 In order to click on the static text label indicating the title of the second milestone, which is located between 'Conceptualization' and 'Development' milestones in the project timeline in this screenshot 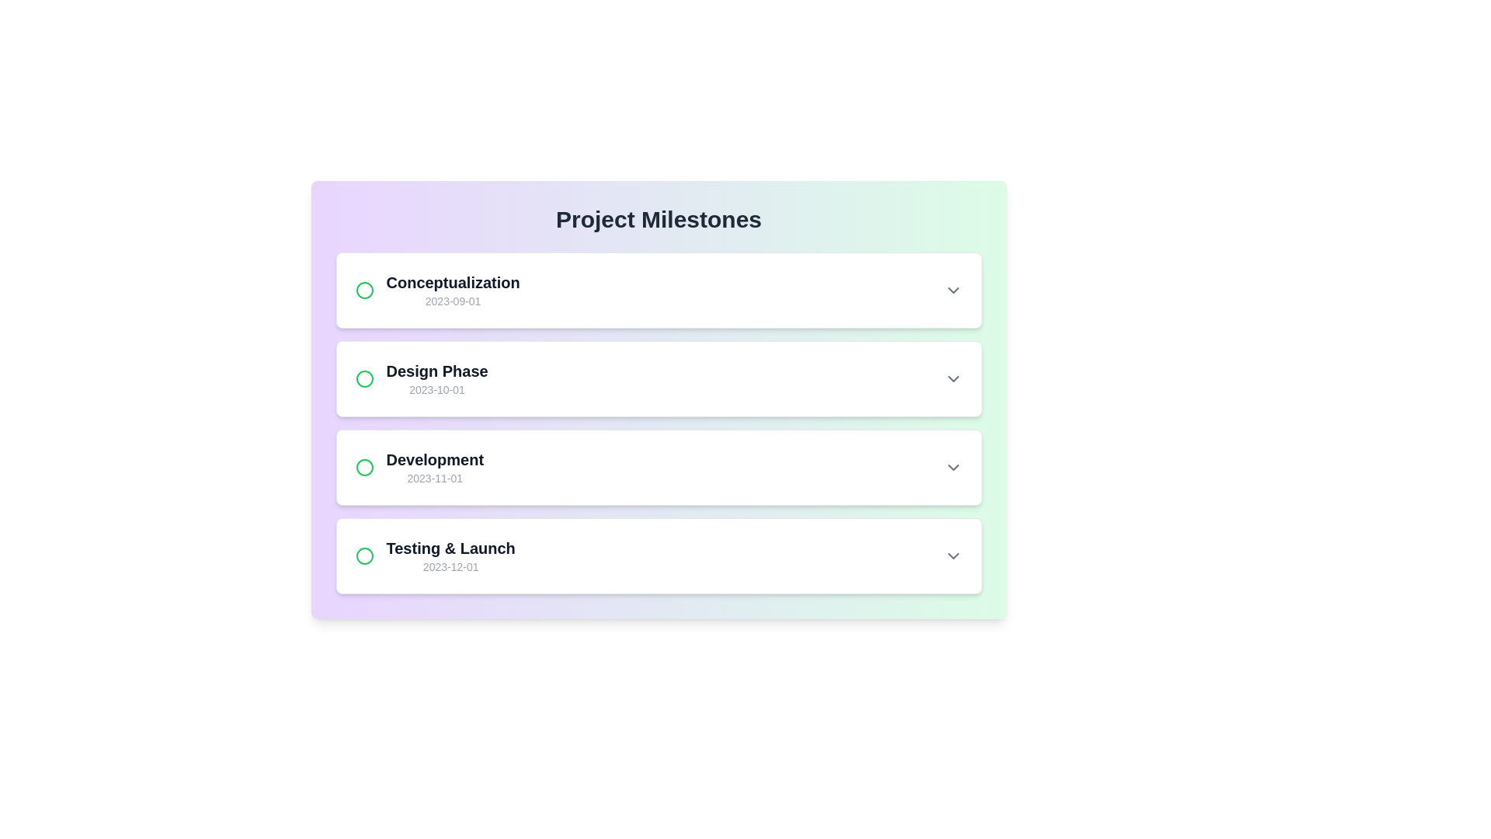, I will do `click(436, 371)`.